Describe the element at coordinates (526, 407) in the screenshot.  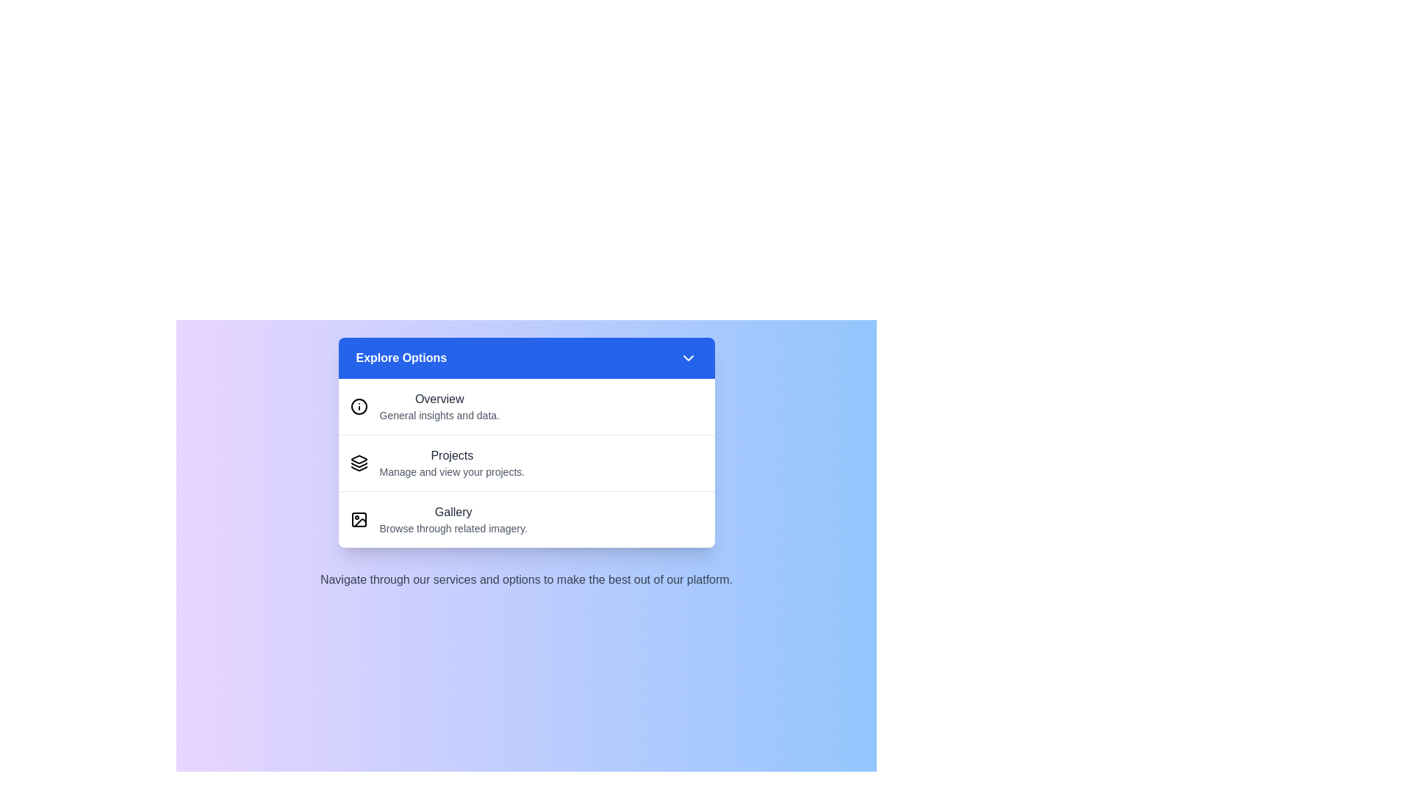
I see `the menu item labeled Overview to highlight it` at that location.